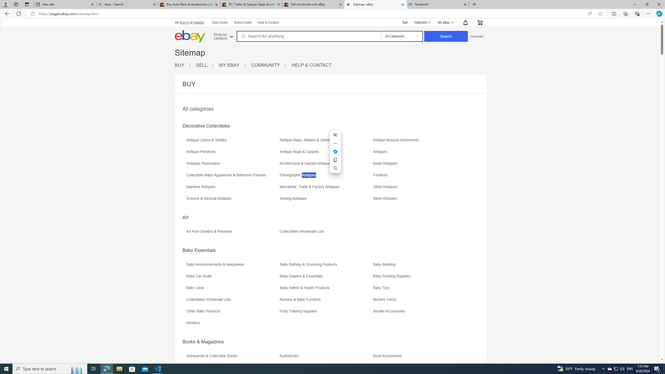 The image size is (665, 374). What do you see at coordinates (268, 23) in the screenshot?
I see `'Help & Contact'` at bounding box center [268, 23].